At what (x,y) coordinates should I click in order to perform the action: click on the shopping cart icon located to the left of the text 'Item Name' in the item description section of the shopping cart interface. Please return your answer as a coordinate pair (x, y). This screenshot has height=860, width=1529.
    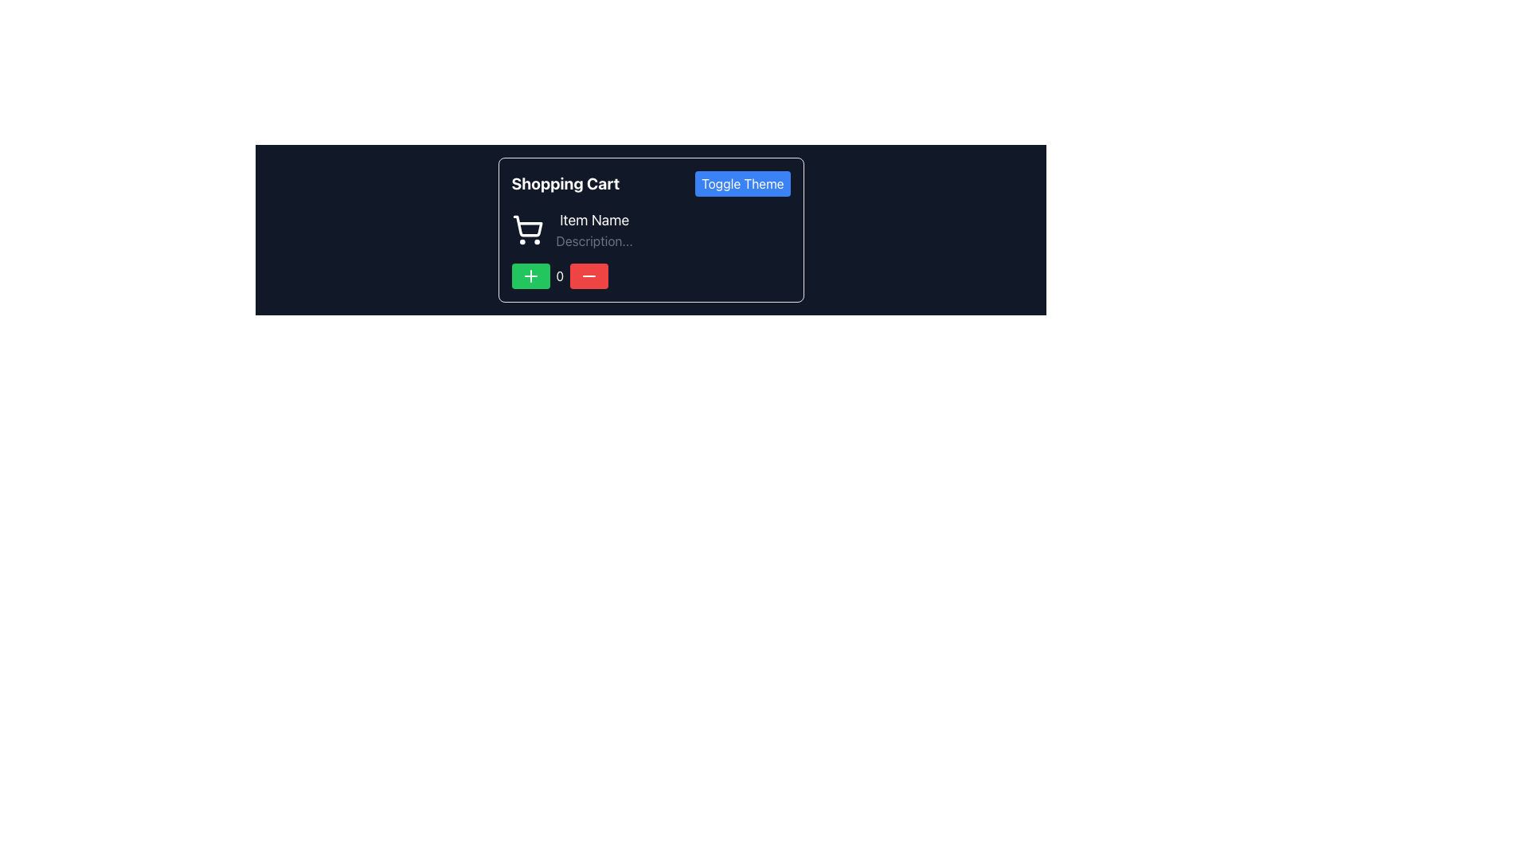
    Looking at the image, I should click on (527, 230).